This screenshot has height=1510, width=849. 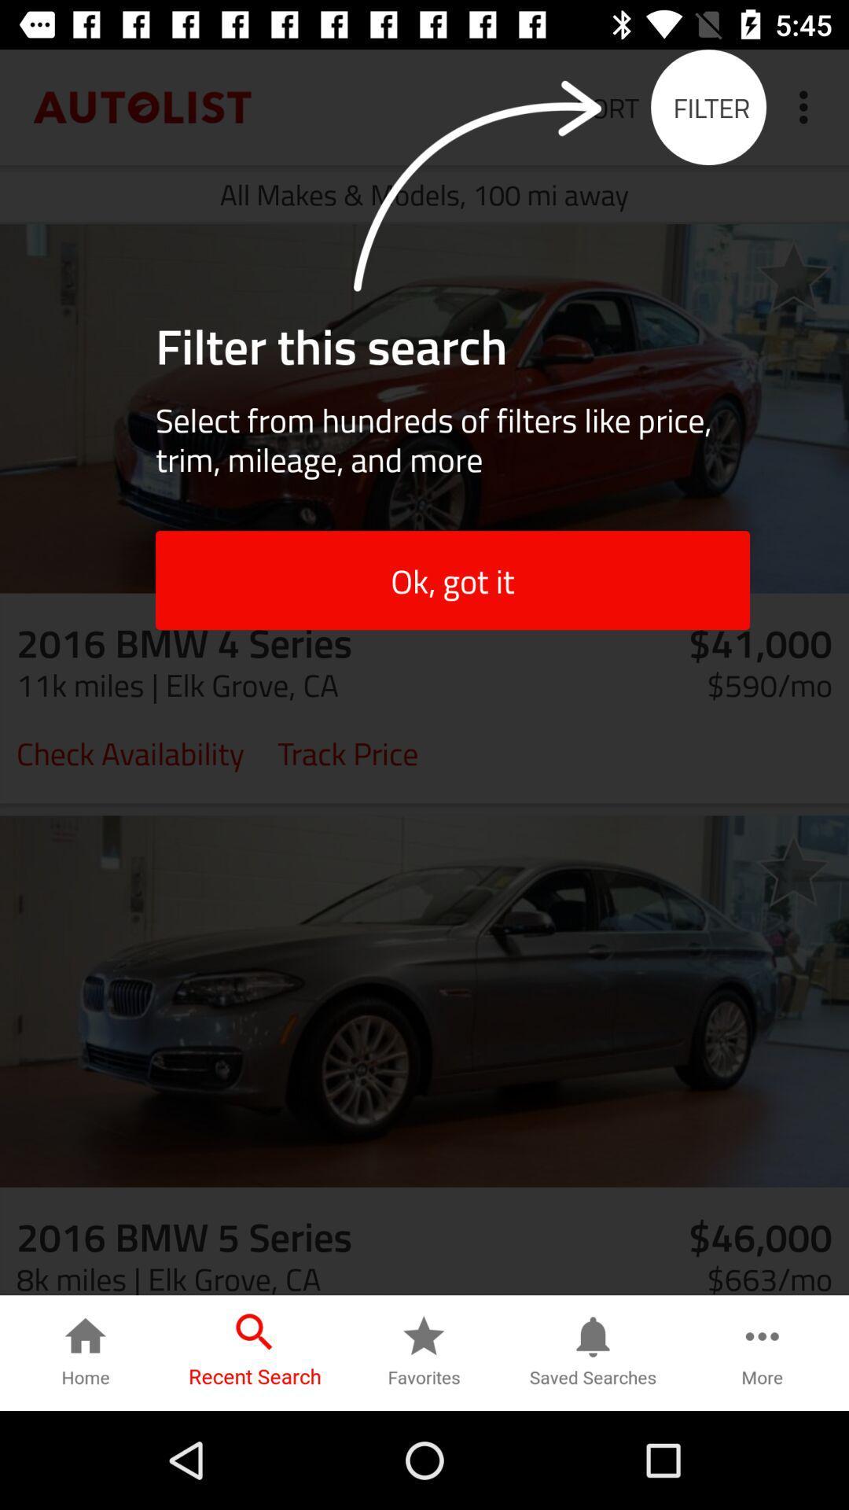 I want to click on the item next to the filter item, so click(x=807, y=106).